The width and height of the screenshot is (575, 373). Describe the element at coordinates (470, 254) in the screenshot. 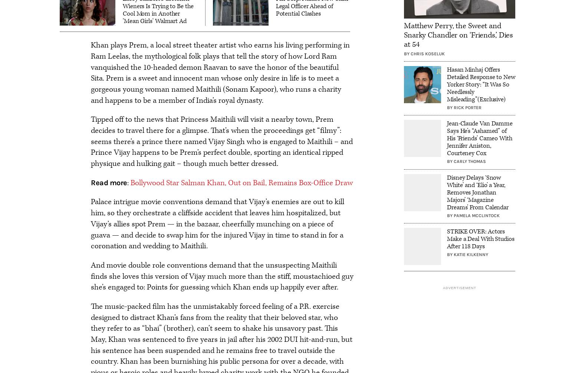

I see `'Katie Kilkenny'` at that location.